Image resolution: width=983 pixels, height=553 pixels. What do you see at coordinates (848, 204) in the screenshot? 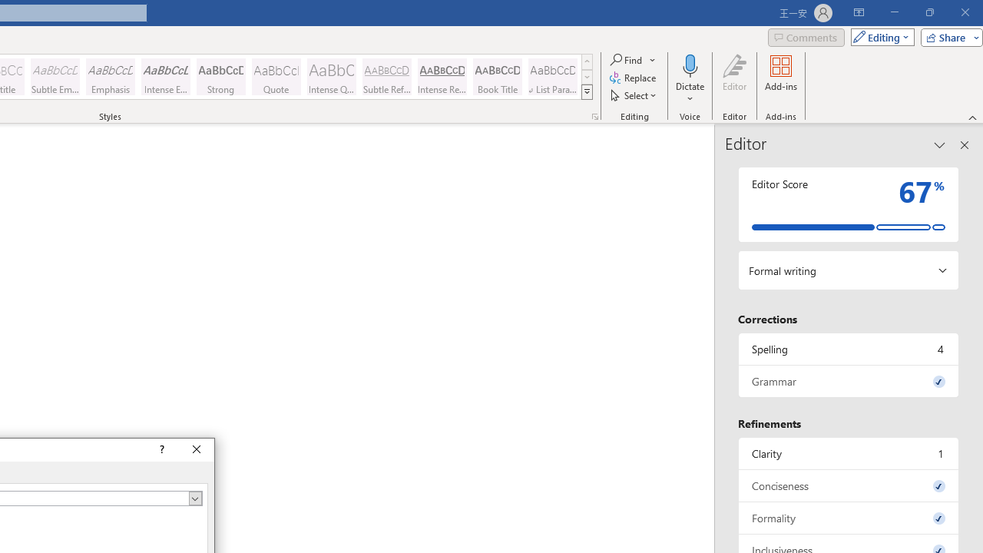
I see `'Editor Score 67%'` at bounding box center [848, 204].